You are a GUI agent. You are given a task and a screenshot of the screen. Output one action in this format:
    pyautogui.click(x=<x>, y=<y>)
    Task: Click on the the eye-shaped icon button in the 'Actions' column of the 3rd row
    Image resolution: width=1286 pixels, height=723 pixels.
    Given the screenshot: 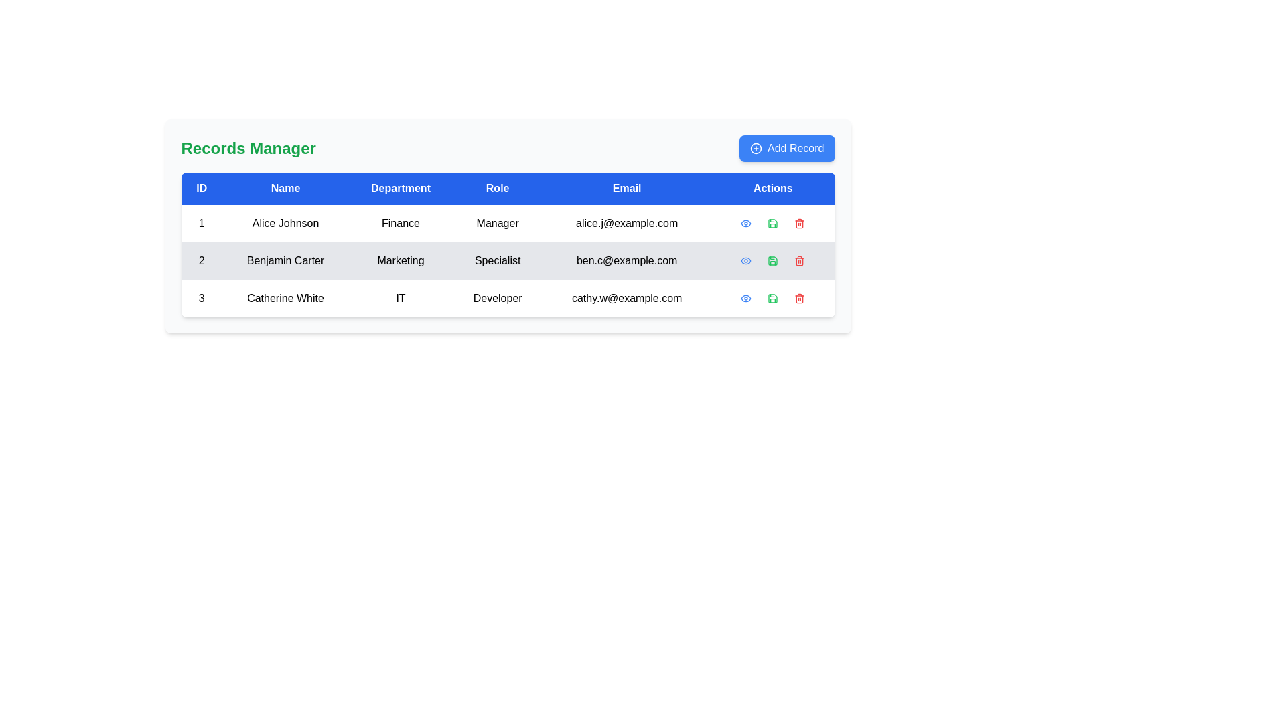 What is the action you would take?
    pyautogui.click(x=745, y=260)
    